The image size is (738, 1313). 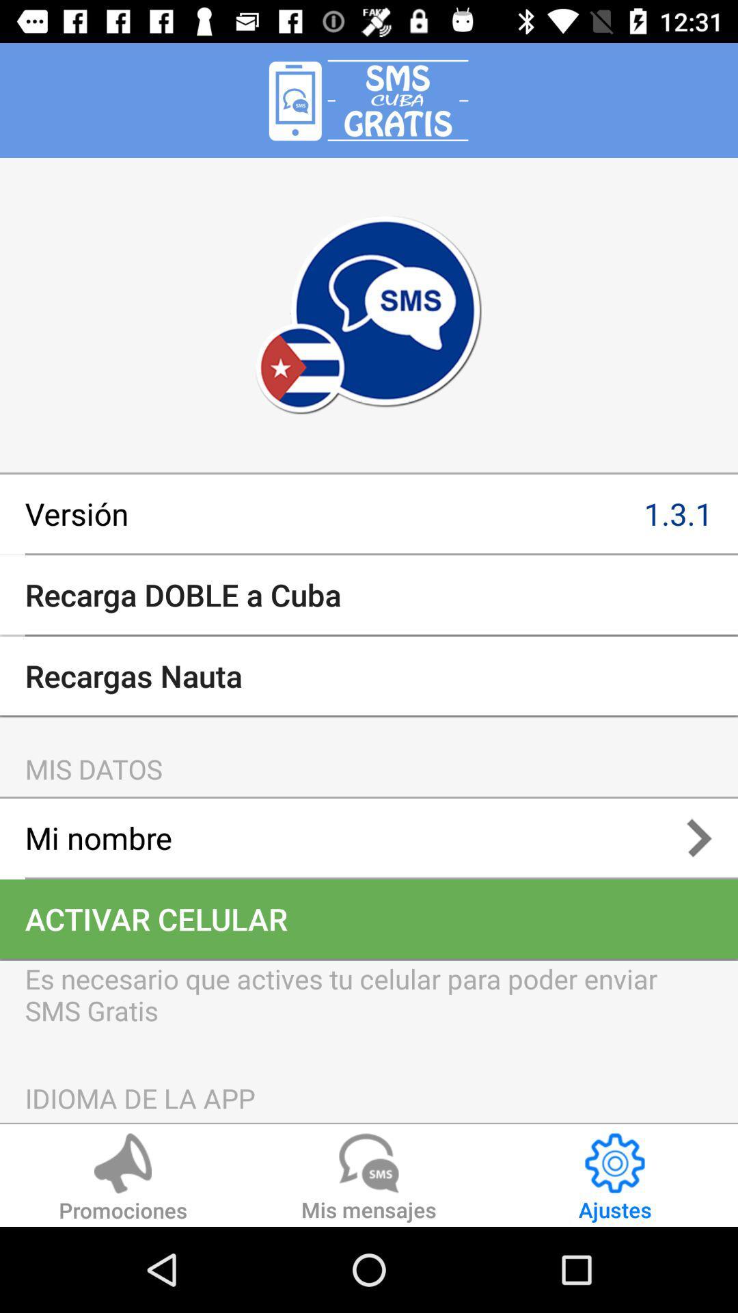 I want to click on the recarga doble a item, so click(x=369, y=594).